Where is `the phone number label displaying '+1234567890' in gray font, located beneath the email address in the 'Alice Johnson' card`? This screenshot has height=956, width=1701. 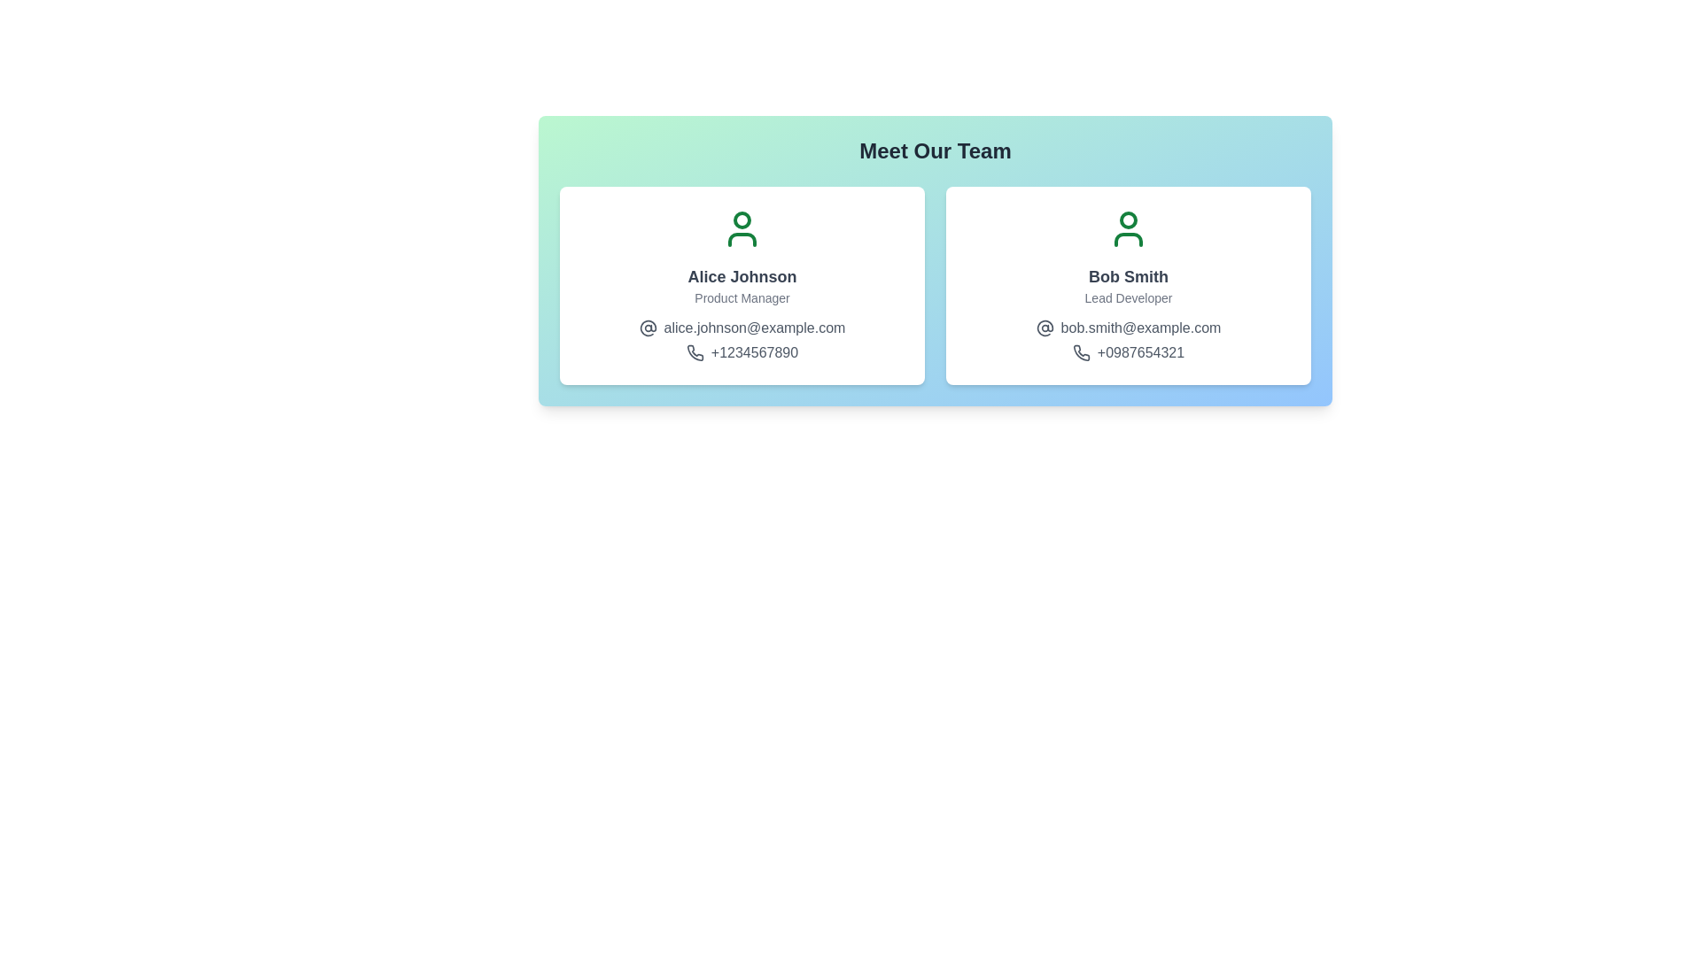
the phone number label displaying '+1234567890' in gray font, located beneath the email address in the 'Alice Johnson' card is located at coordinates (754, 352).